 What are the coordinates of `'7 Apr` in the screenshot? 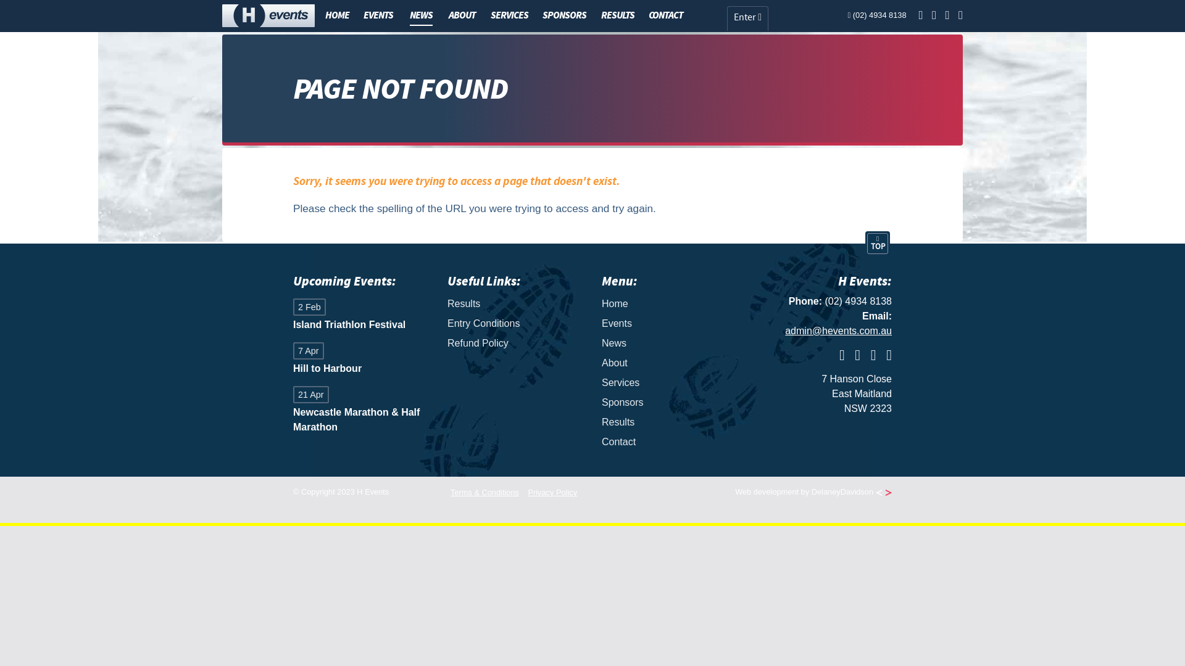 It's located at (293, 360).